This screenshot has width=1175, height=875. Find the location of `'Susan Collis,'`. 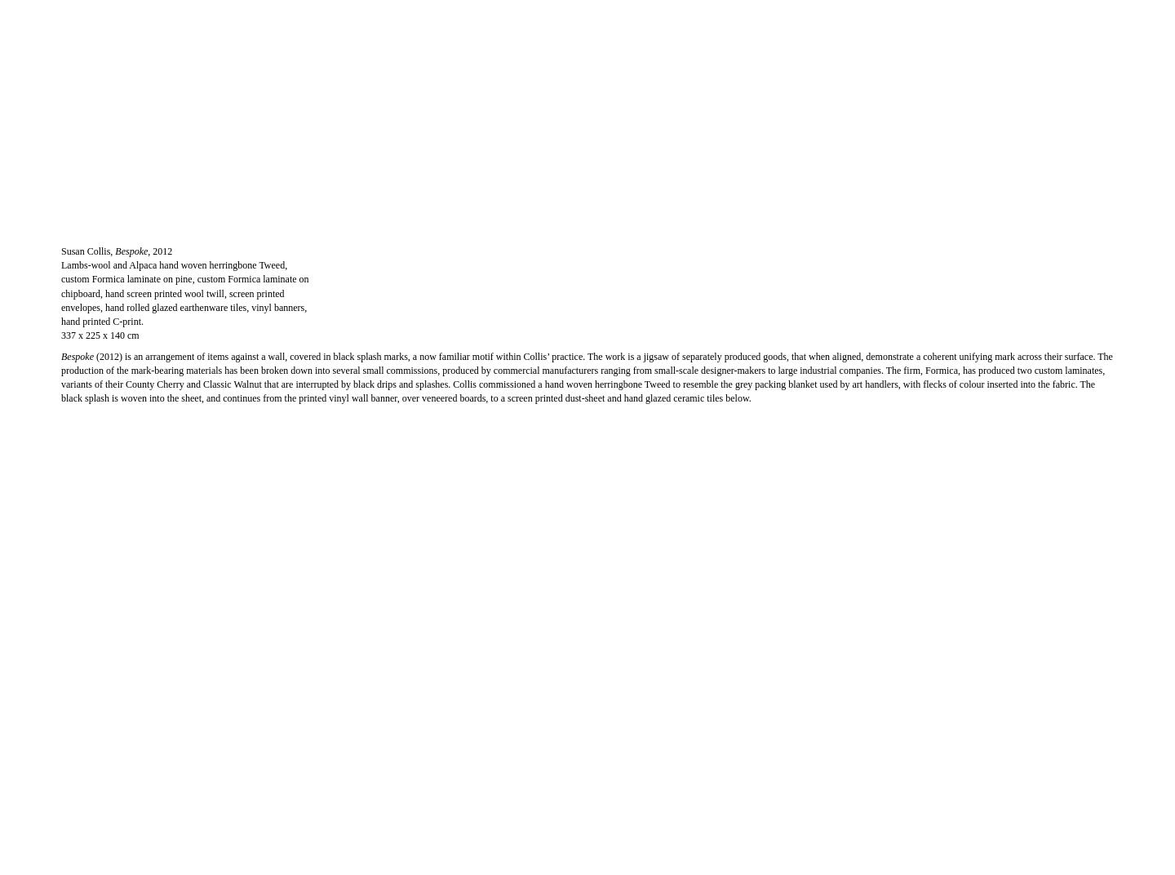

'Susan Collis,' is located at coordinates (86, 250).